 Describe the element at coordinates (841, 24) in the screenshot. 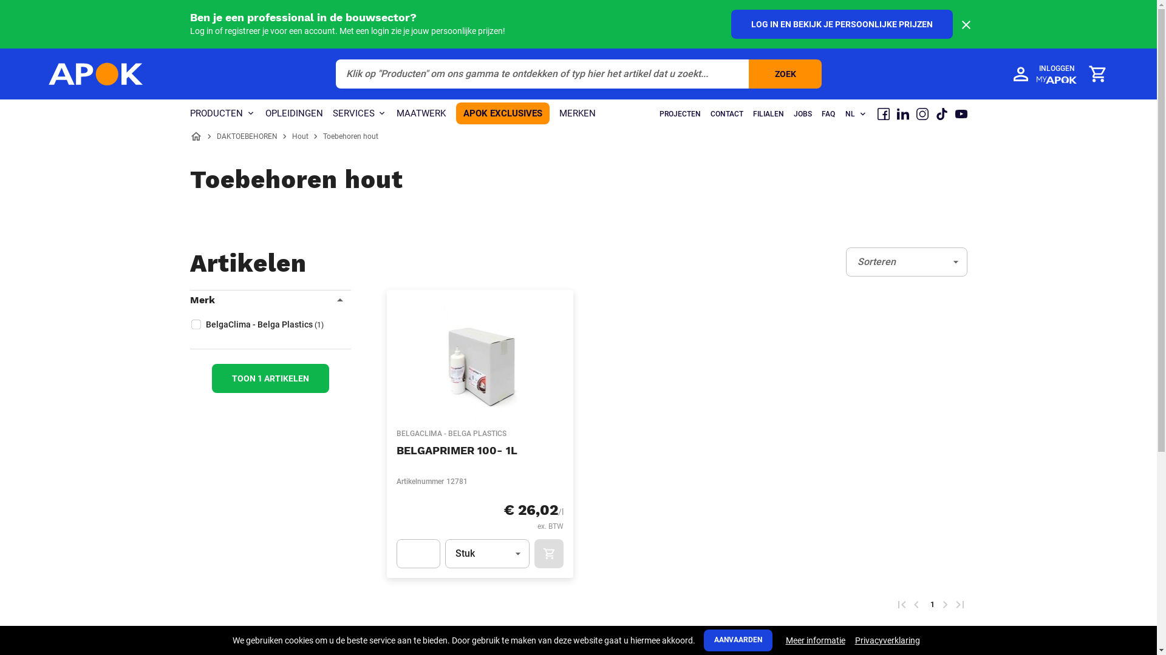

I see `'LOG IN EN BEKIJK JE PERSOONLIJKE PRIJZEN'` at that location.